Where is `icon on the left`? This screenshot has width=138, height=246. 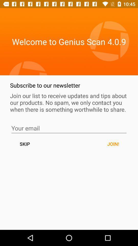 icon on the left is located at coordinates (25, 144).